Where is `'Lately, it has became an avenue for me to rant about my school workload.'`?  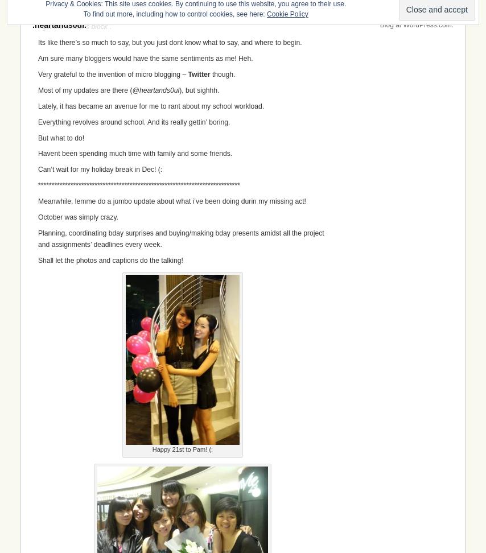 'Lately, it has became an avenue for me to rant about my school workload.' is located at coordinates (38, 105).